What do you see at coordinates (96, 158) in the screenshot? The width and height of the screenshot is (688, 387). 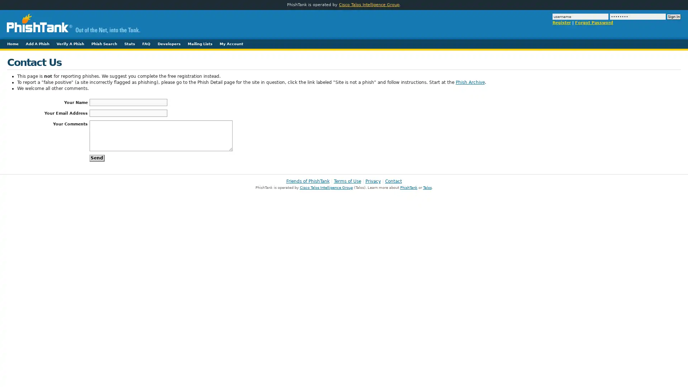 I see `Send` at bounding box center [96, 158].